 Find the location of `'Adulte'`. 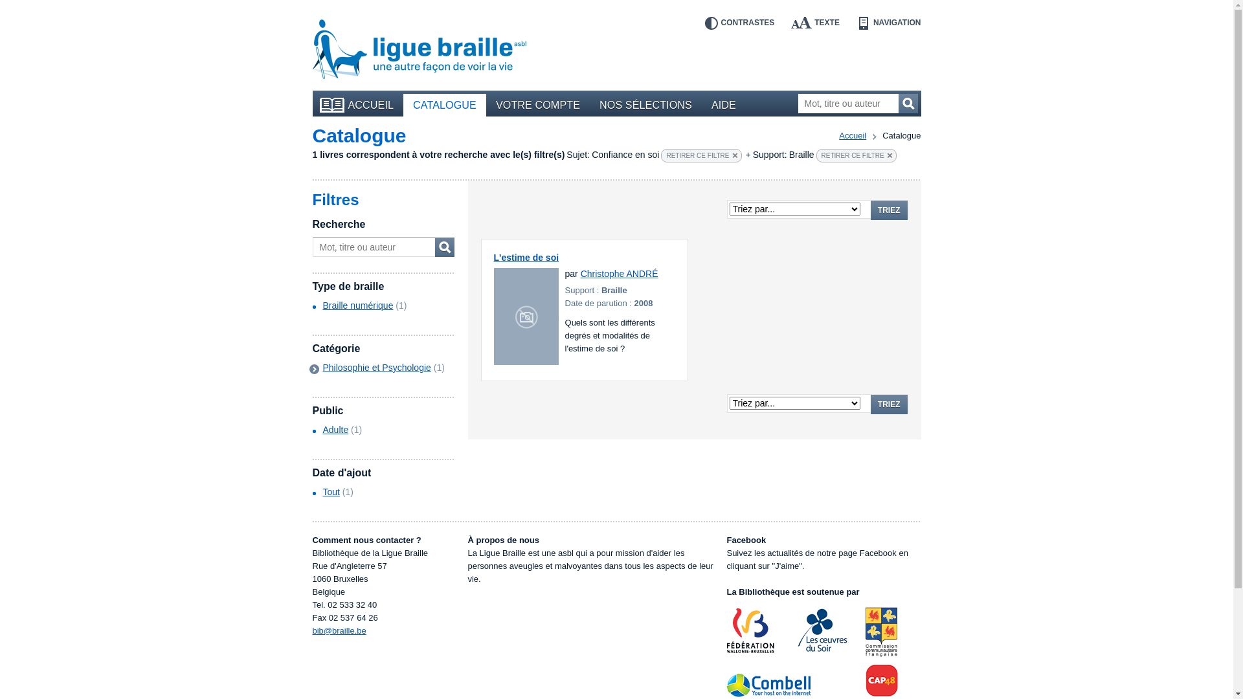

'Adulte' is located at coordinates (335, 429).